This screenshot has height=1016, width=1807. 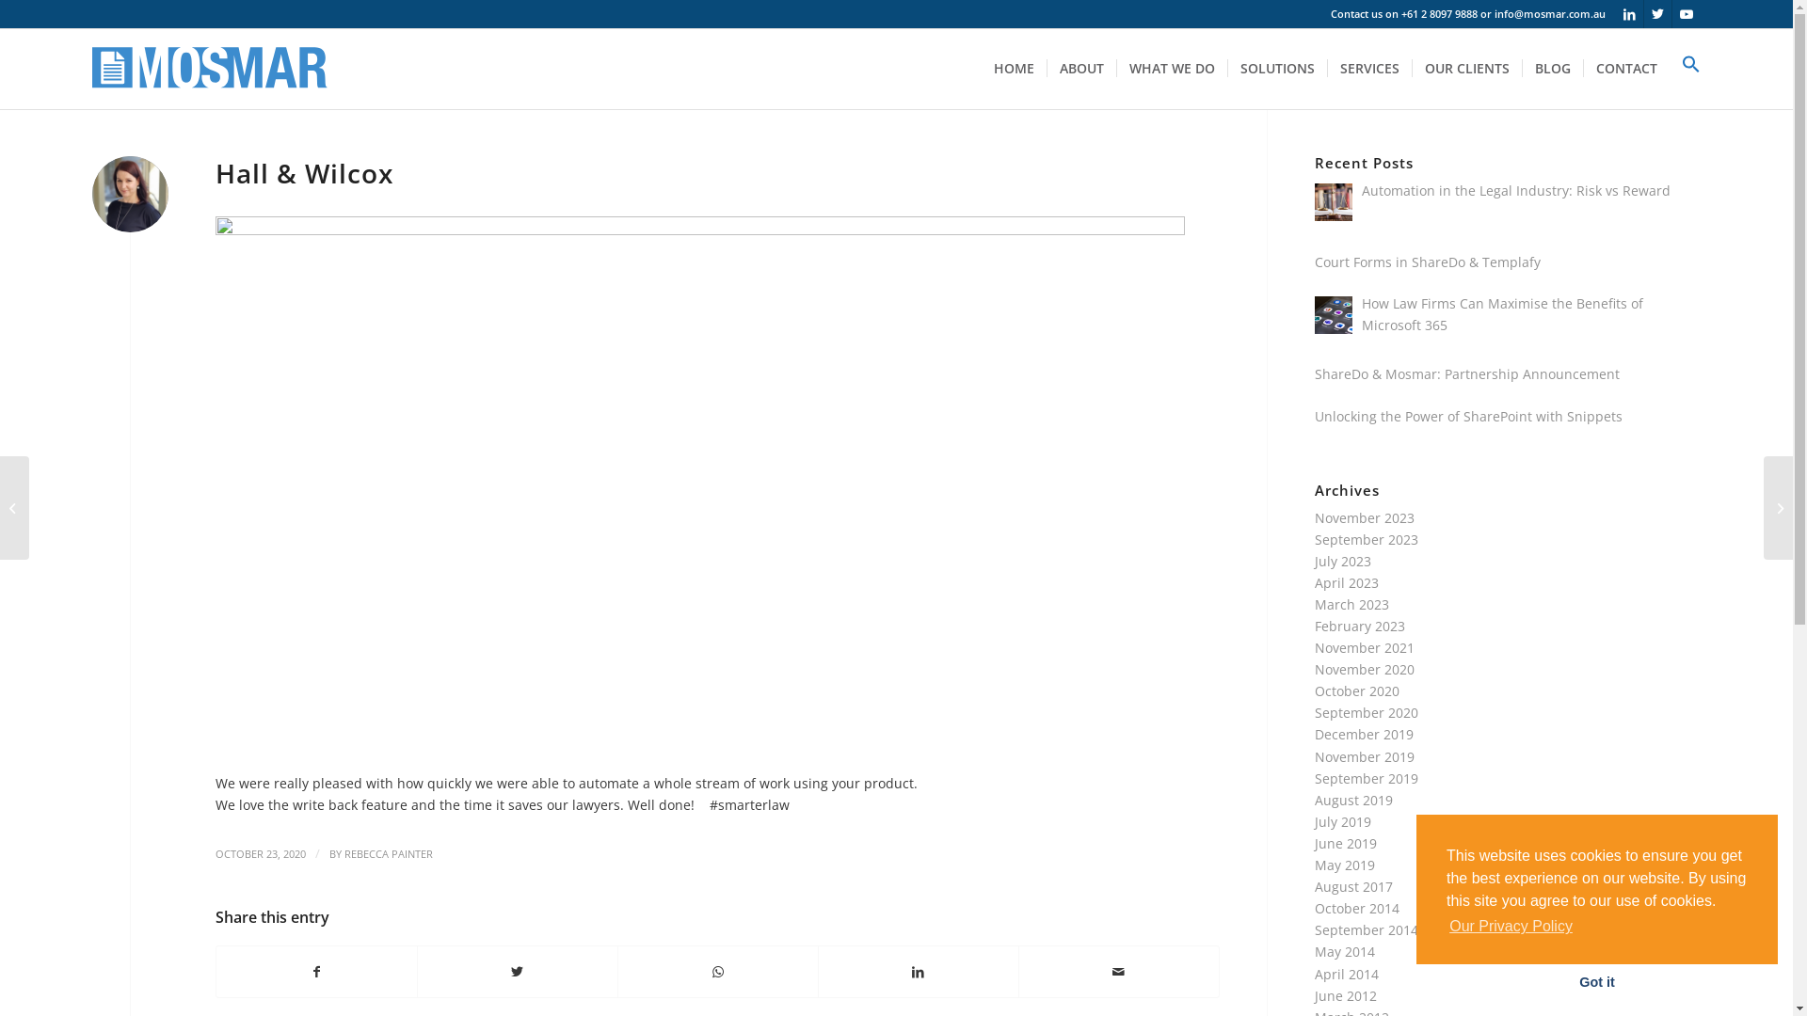 What do you see at coordinates (387, 853) in the screenshot?
I see `'REBECCA PAINTER'` at bounding box center [387, 853].